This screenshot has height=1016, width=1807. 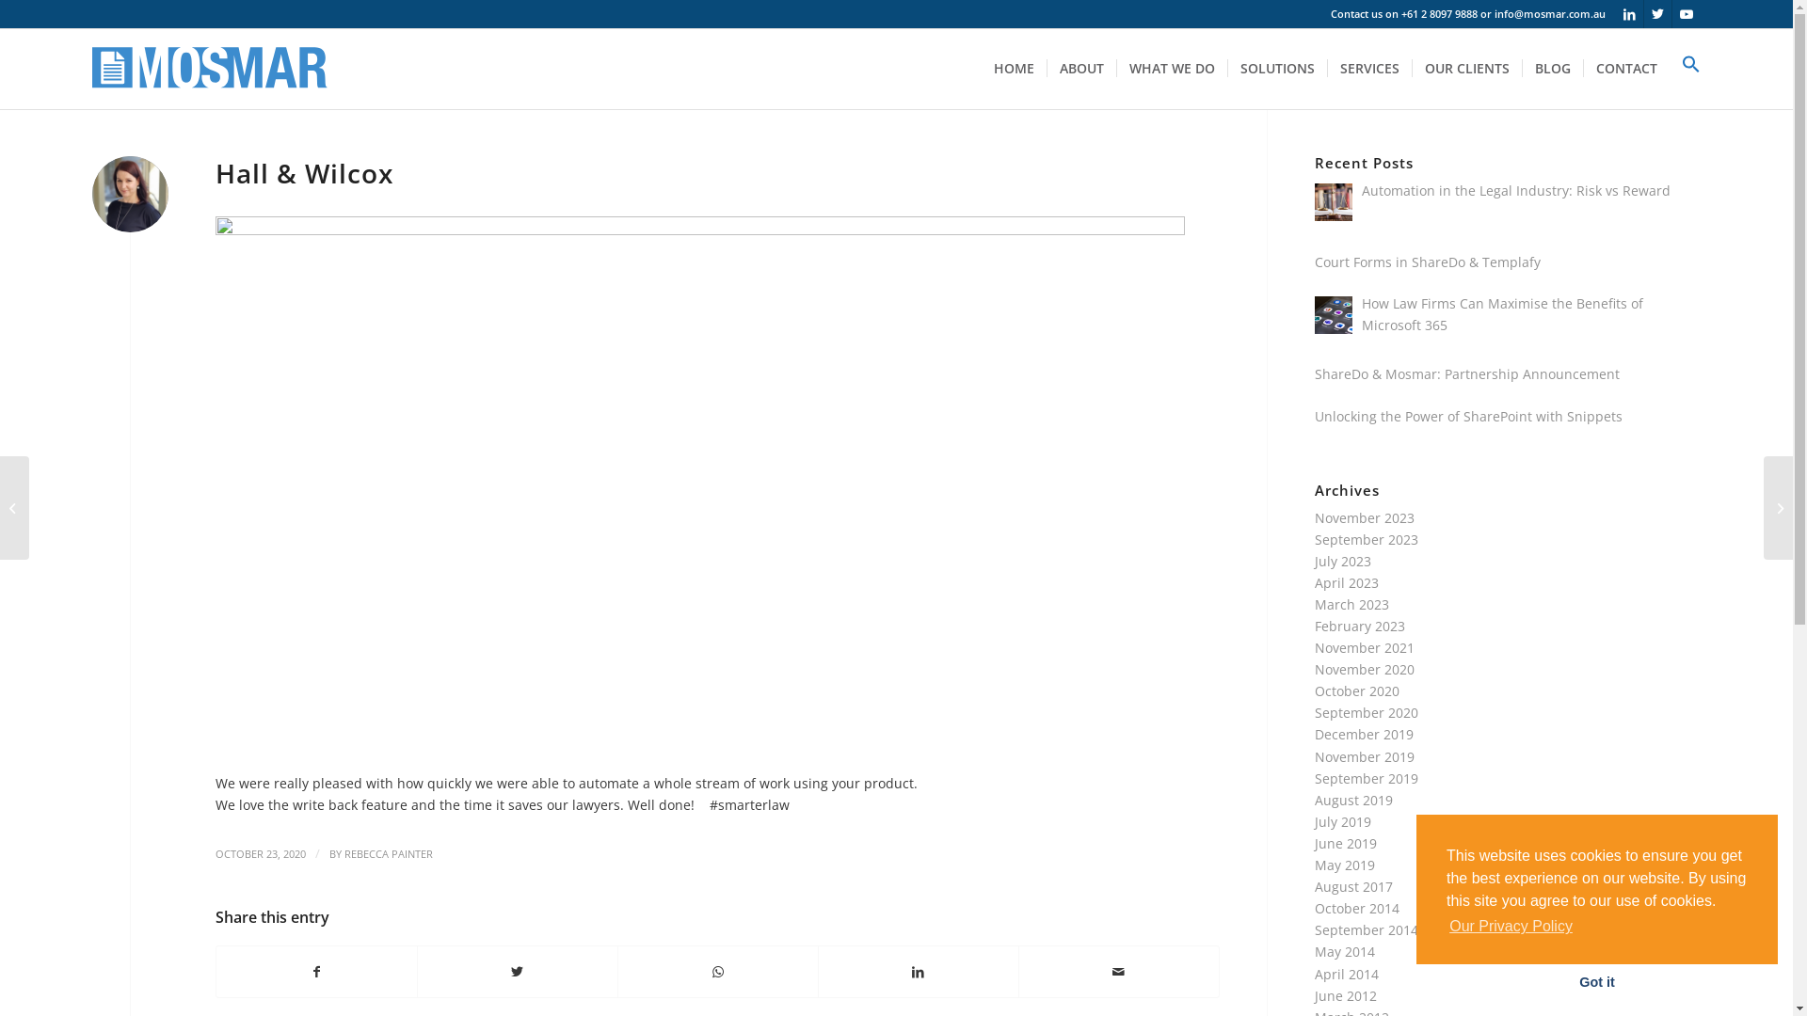 What do you see at coordinates (387, 853) in the screenshot?
I see `'REBECCA PAINTER'` at bounding box center [387, 853].